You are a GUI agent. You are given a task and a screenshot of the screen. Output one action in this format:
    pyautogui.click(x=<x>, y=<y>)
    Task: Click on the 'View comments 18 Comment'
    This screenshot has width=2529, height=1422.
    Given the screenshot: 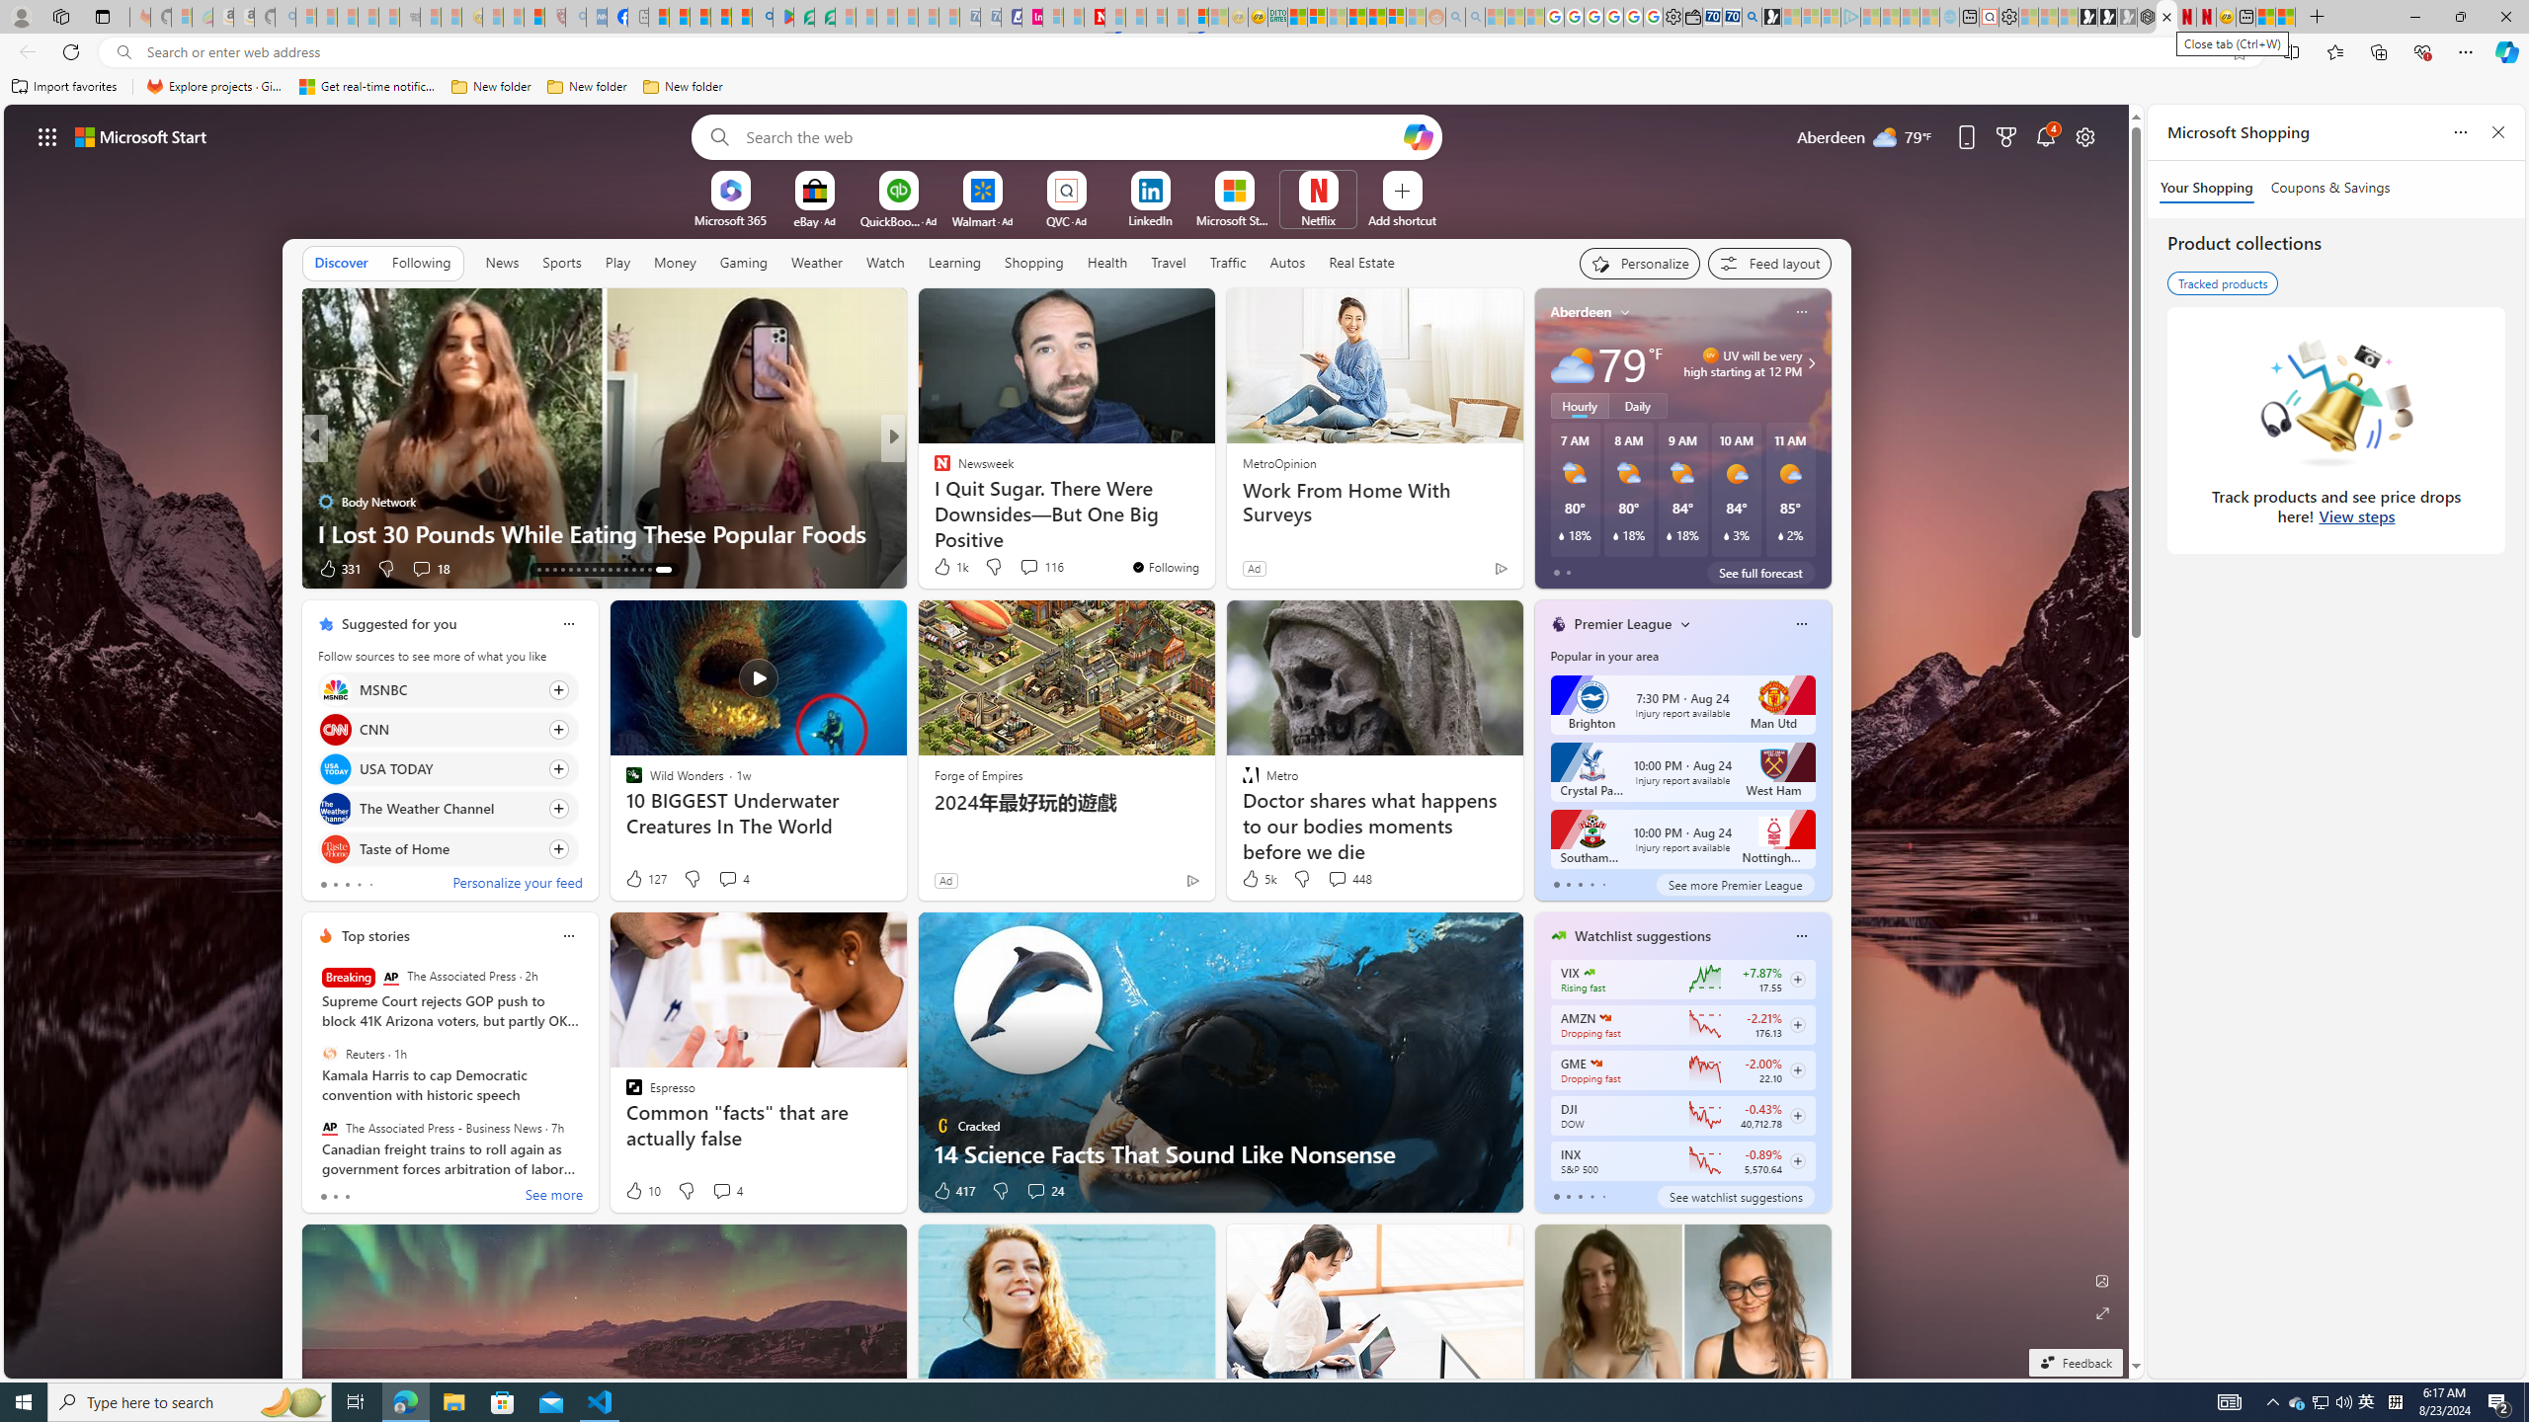 What is the action you would take?
    pyautogui.click(x=420, y=567)
    